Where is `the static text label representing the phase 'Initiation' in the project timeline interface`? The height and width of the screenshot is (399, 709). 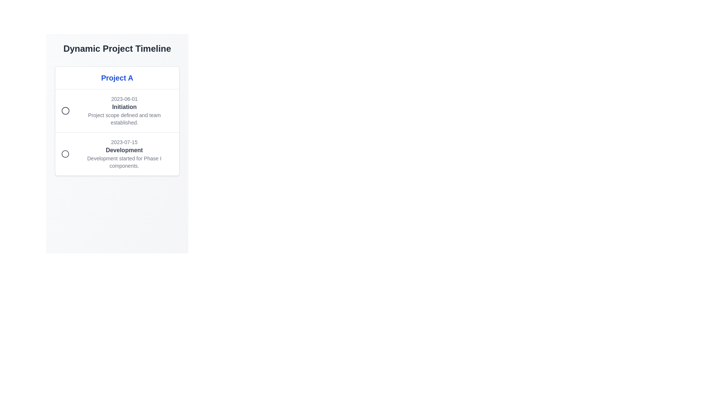 the static text label representing the phase 'Initiation' in the project timeline interface is located at coordinates (124, 107).